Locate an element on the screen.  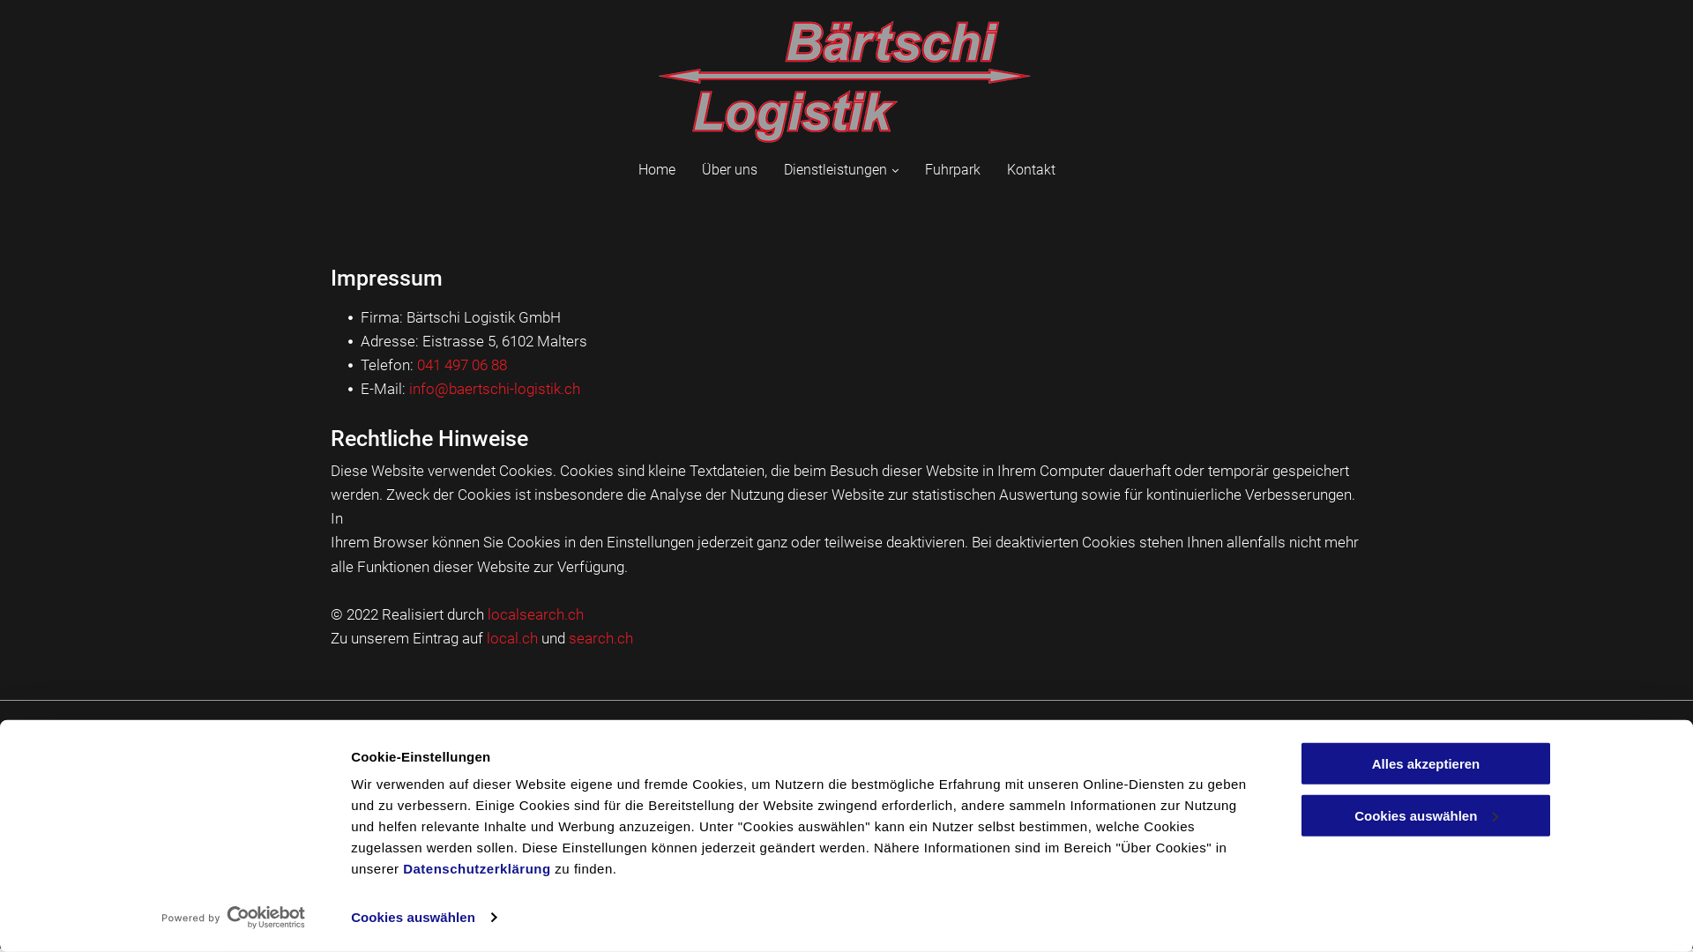
'info@baertschi-logistik.ch' is located at coordinates (494, 387).